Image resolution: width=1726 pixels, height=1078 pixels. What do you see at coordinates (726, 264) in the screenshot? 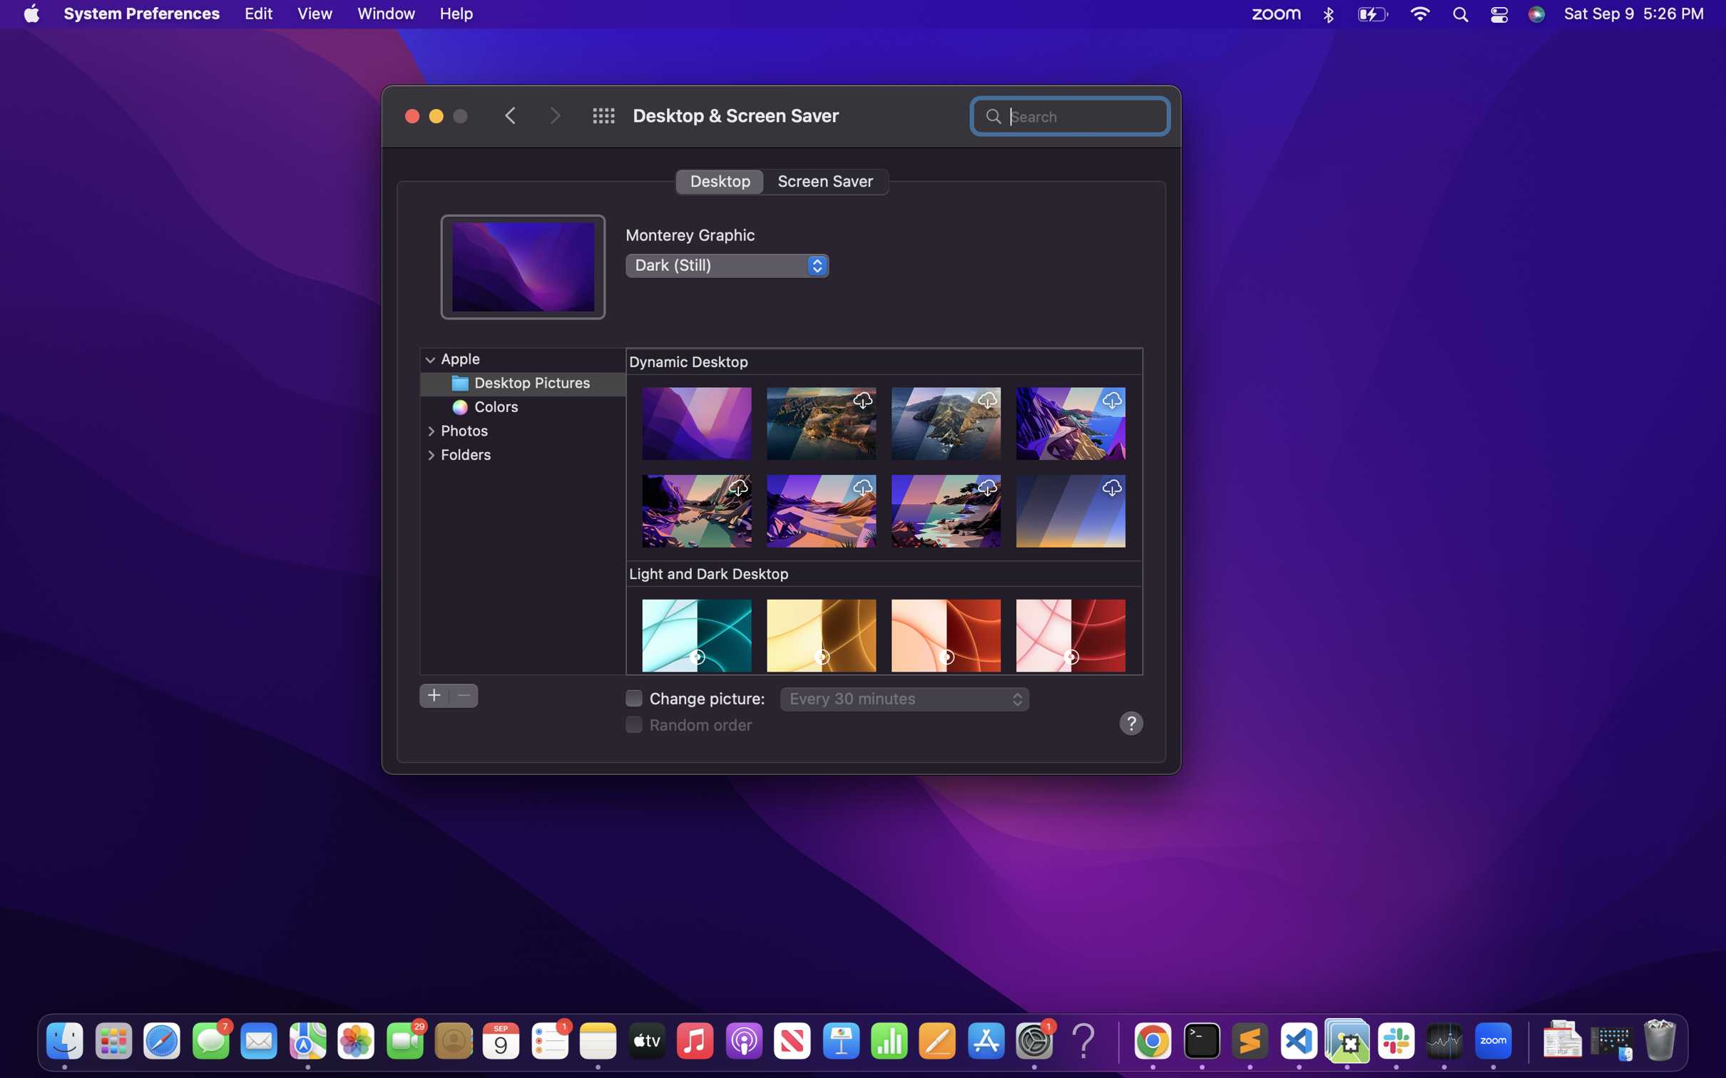
I see `Alter the current color theme to the light option` at bounding box center [726, 264].